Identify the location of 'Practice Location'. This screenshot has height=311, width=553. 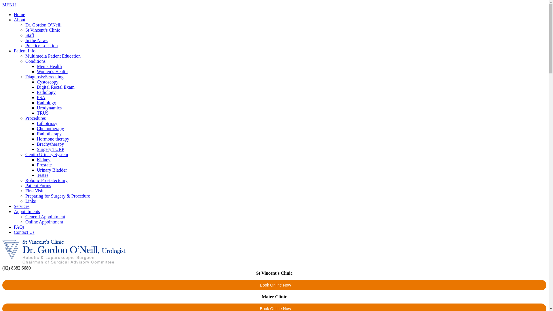
(25, 45).